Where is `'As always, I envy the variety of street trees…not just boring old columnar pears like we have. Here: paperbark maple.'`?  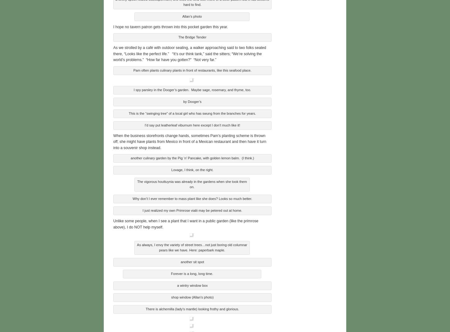 'As always, I envy the variety of street trees…not just boring old columnar pears like we have. Here: paperbark maple.' is located at coordinates (191, 246).